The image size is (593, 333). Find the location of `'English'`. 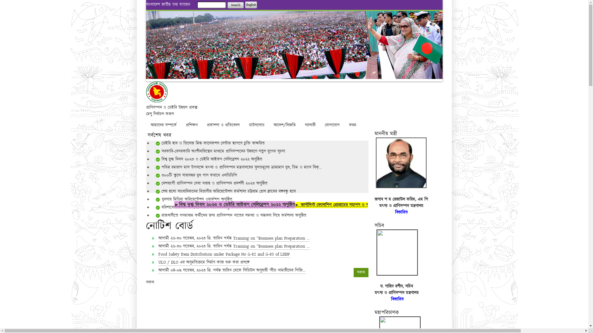

'English' is located at coordinates (251, 5).